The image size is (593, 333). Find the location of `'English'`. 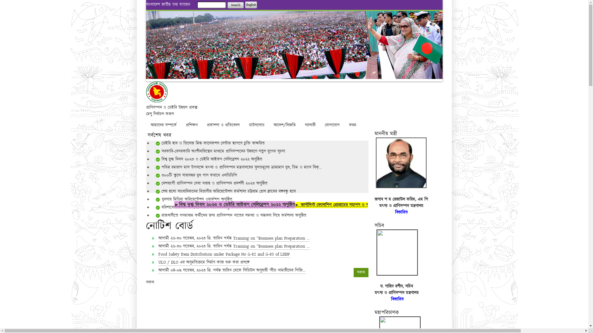

'English' is located at coordinates (251, 5).